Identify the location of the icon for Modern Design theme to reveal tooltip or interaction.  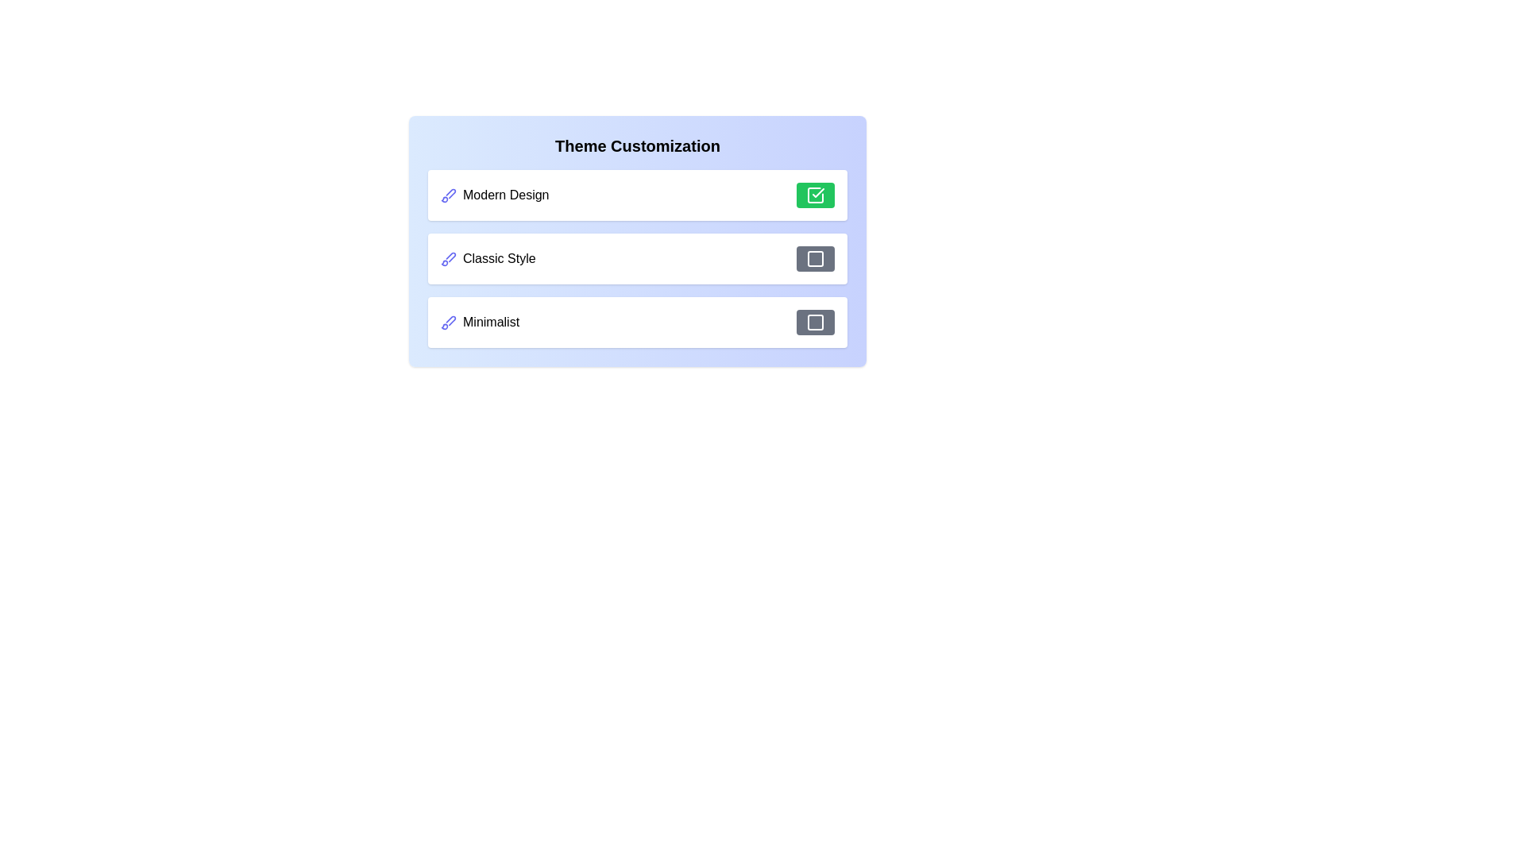
(448, 195).